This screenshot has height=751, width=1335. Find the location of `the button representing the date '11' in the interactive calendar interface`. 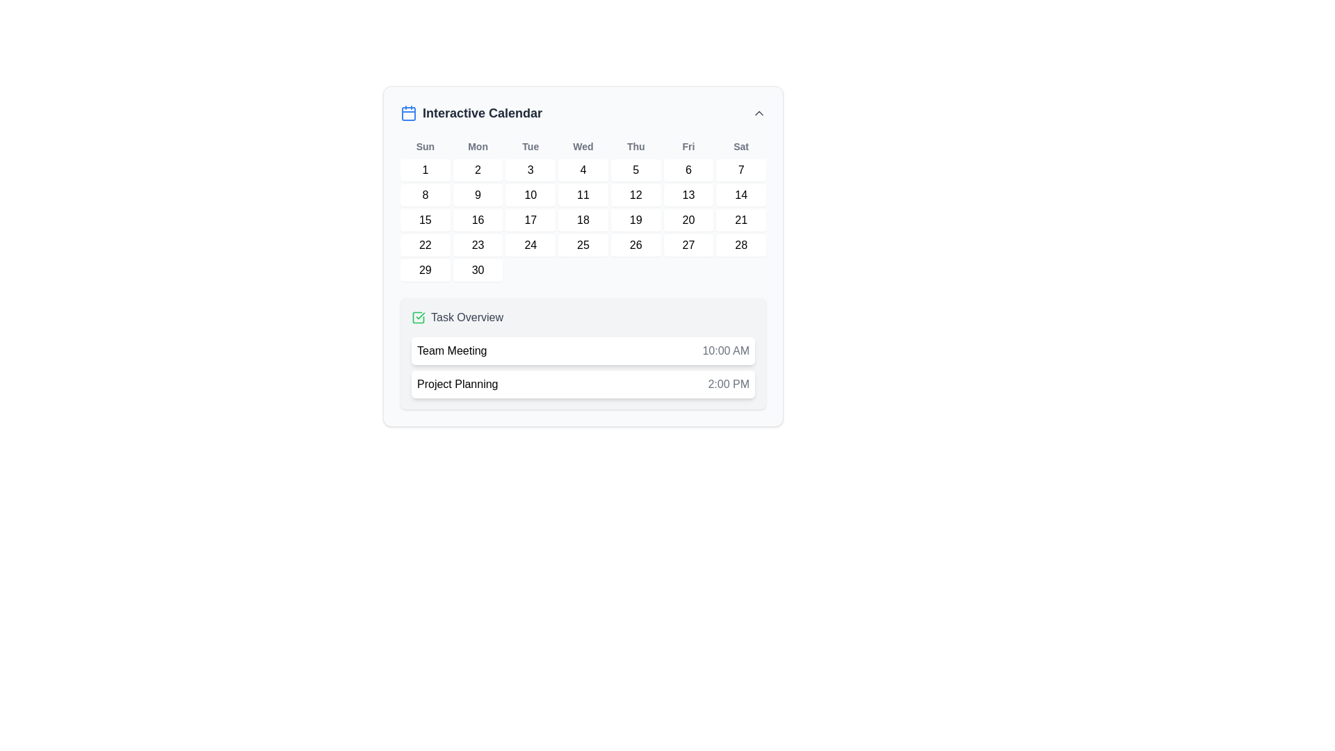

the button representing the date '11' in the interactive calendar interface is located at coordinates (583, 195).